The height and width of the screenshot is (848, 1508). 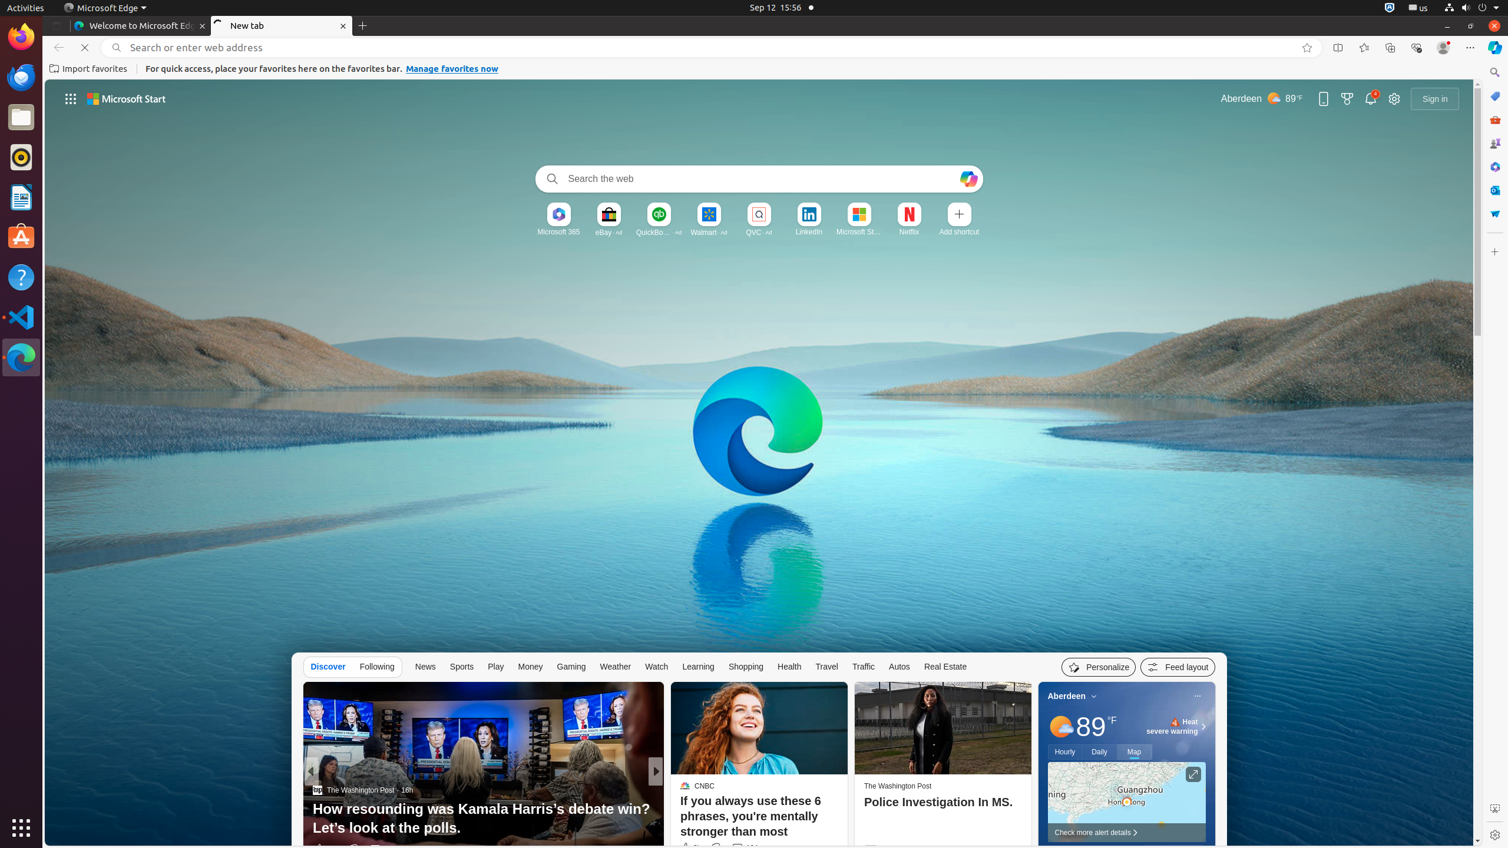 What do you see at coordinates (374, 848) in the screenshot?
I see `'View comments 480 Comment'` at bounding box center [374, 848].